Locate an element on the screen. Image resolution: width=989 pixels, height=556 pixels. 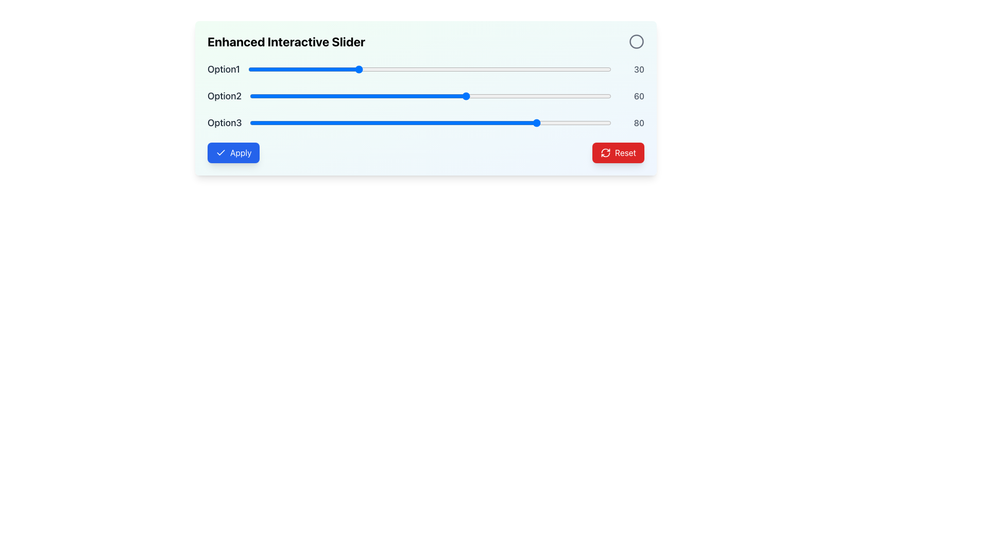
slider is located at coordinates (369, 96).